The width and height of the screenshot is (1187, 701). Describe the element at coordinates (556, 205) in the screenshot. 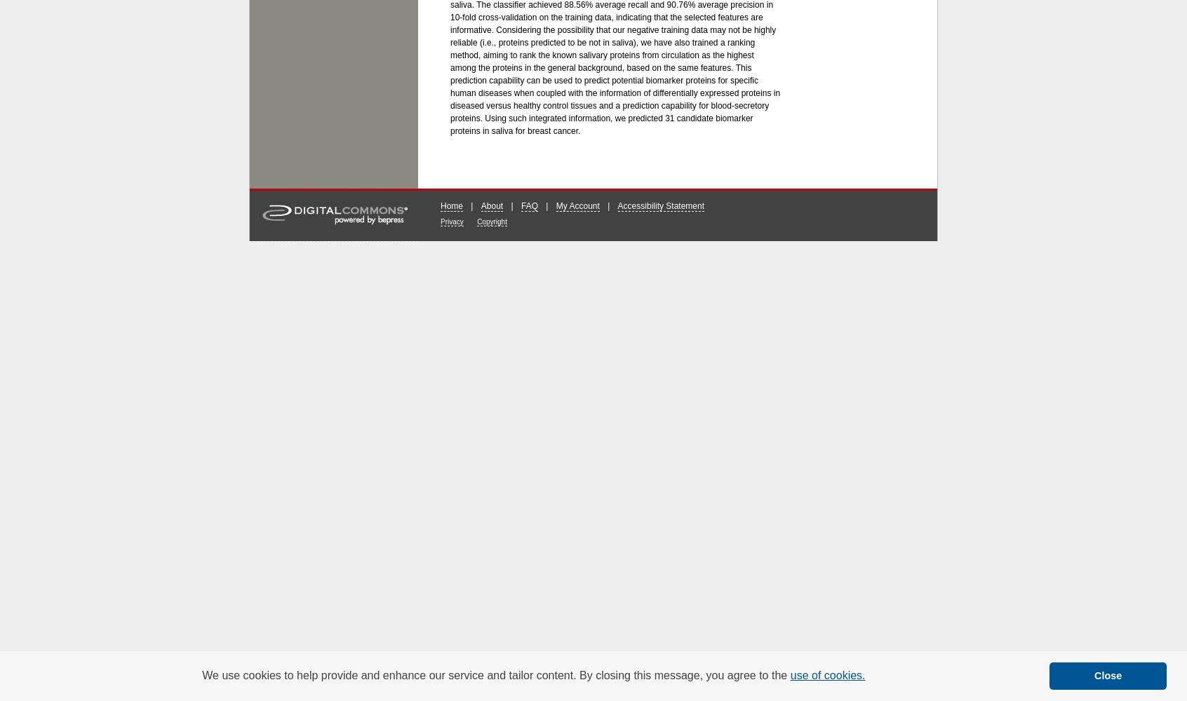

I see `'My Account'` at that location.